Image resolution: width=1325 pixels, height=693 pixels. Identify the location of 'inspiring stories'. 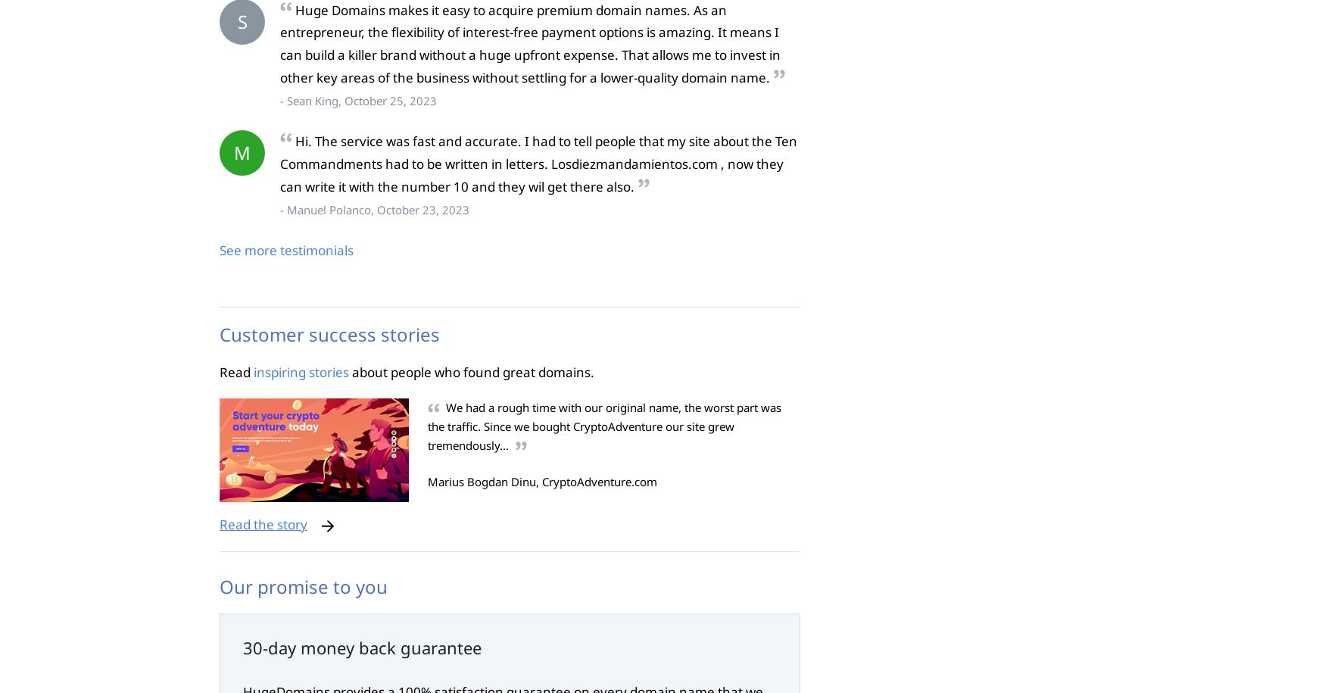
(253, 370).